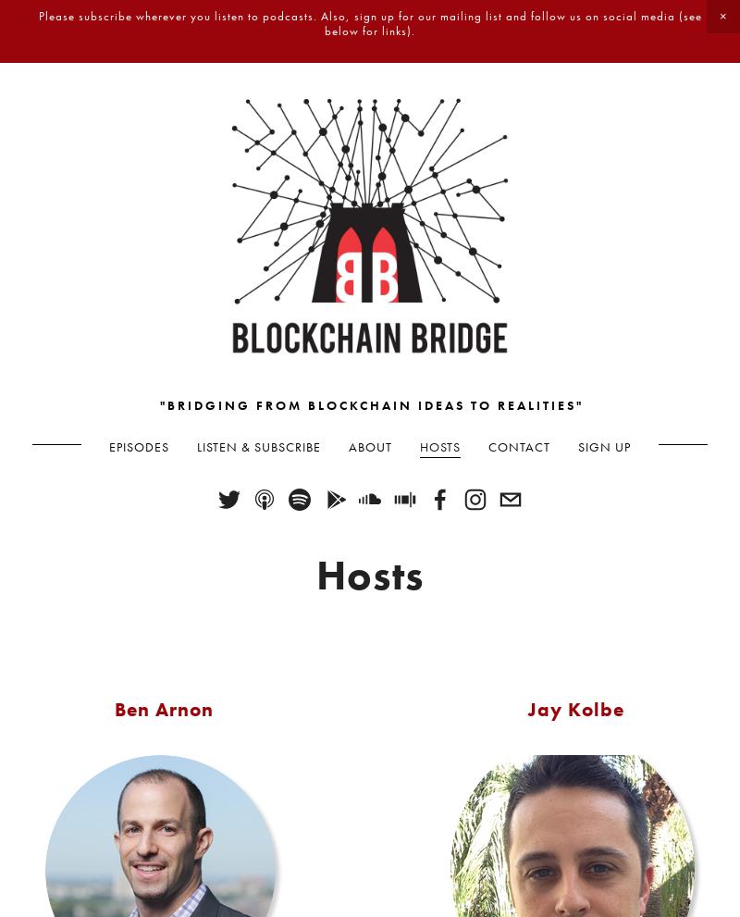 This screenshot has height=917, width=740. I want to click on 'Episodes', so click(108, 445).